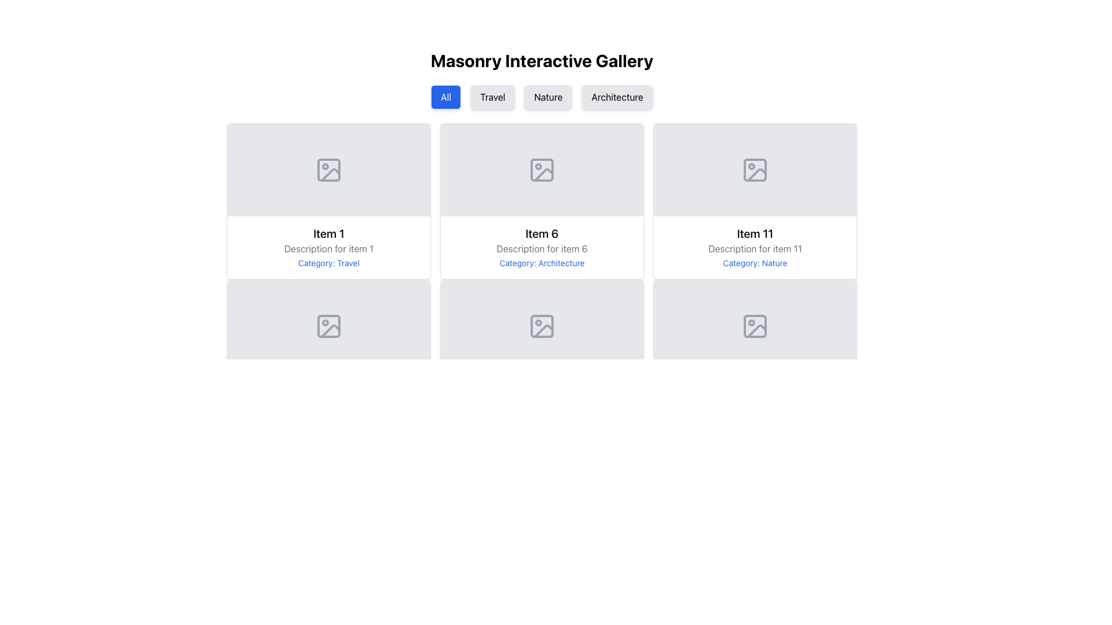 The height and width of the screenshot is (625, 1112). What do you see at coordinates (328, 263) in the screenshot?
I see `text content of the category descriptor label indicating that the item belongs to the 'Travel' category, which is located at the bottom of the first card in the grid layout` at bounding box center [328, 263].